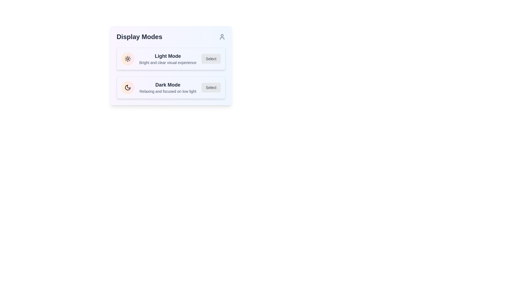 This screenshot has height=293, width=522. What do you see at coordinates (128, 87) in the screenshot?
I see `the 'Dark Mode' icon located in the second card option under the 'Display Modes' section, positioned to the left of the text 'Dark Mode' and 'Relaxing and focused on low light'` at bounding box center [128, 87].